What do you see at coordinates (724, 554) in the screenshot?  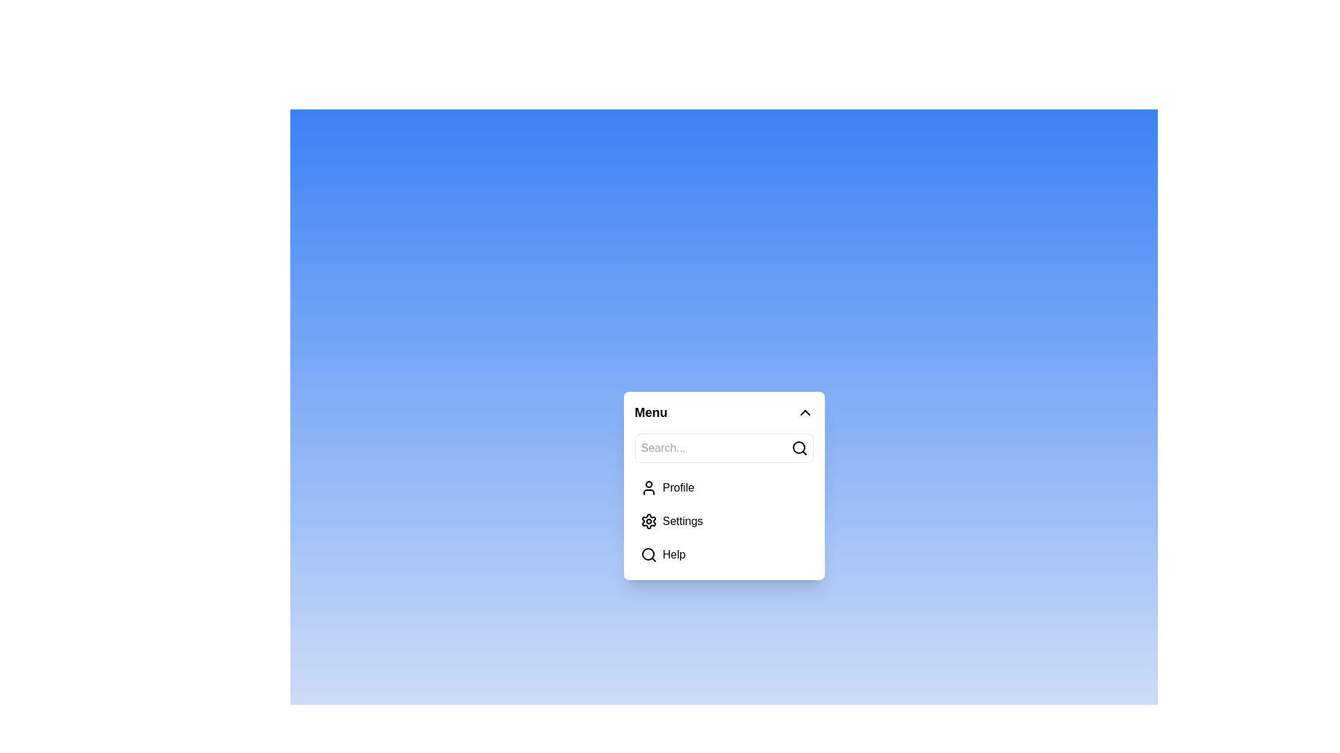 I see `the menu item Help from the list` at bounding box center [724, 554].